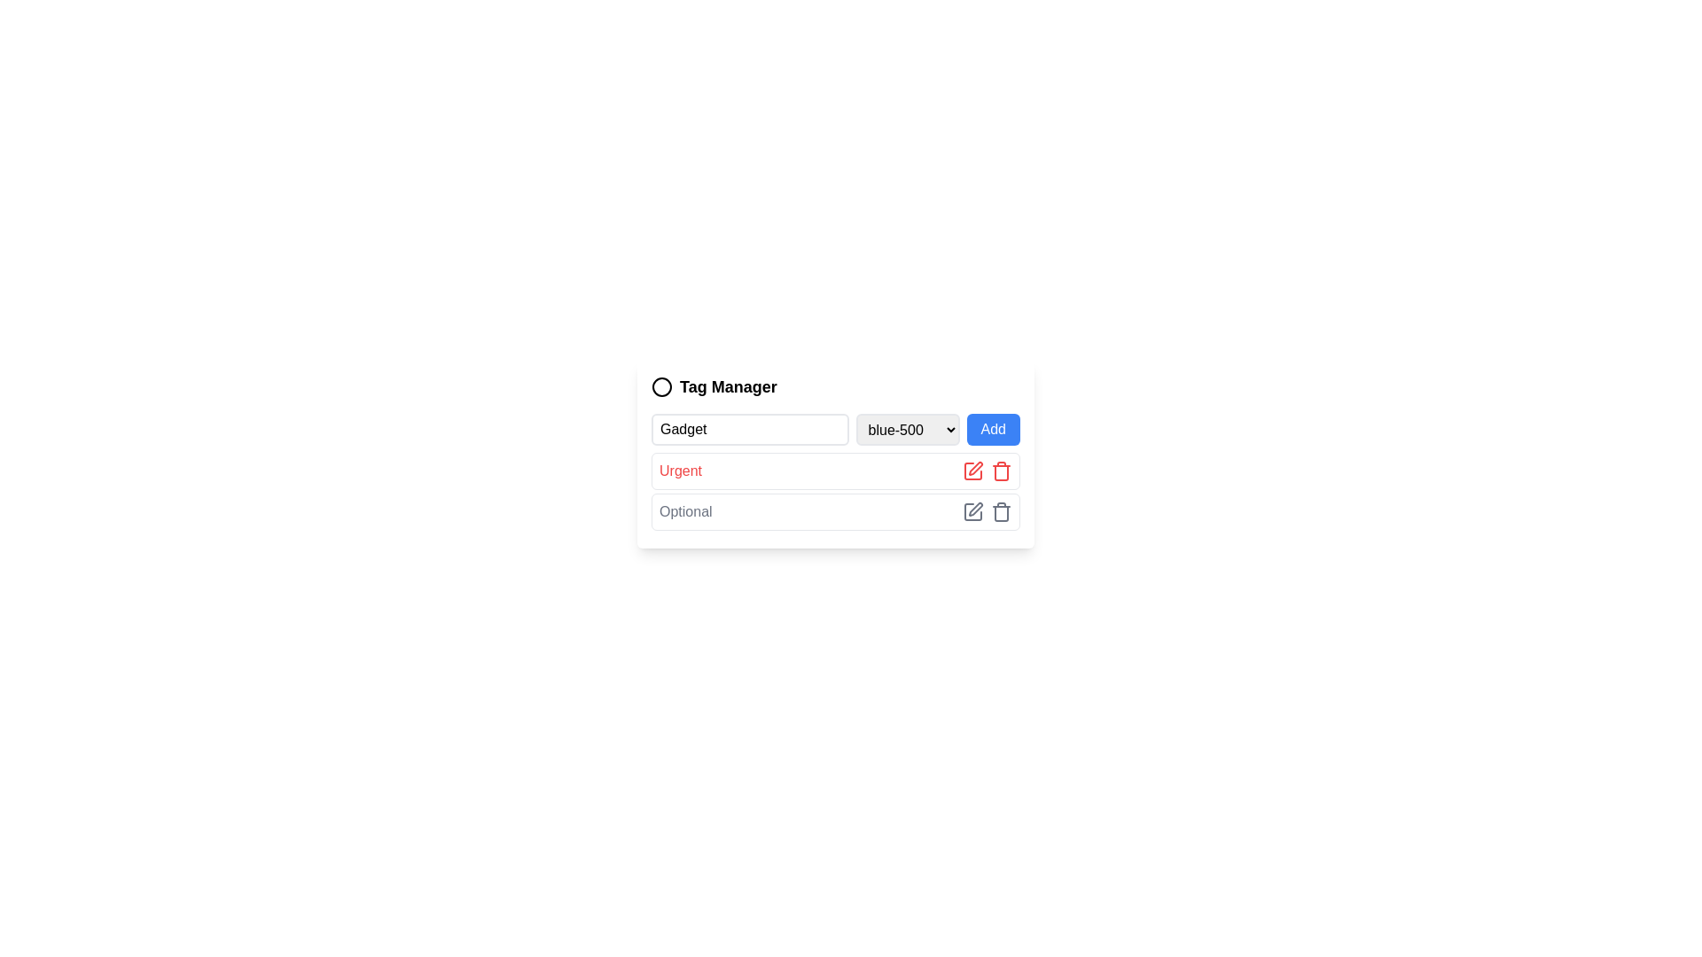 The image size is (1702, 957). What do you see at coordinates (834, 430) in the screenshot?
I see `an option from the dropdown menu located beside the input field labeled 'New Tag Name' in the composite UI component under the 'Tag Manager' header` at bounding box center [834, 430].